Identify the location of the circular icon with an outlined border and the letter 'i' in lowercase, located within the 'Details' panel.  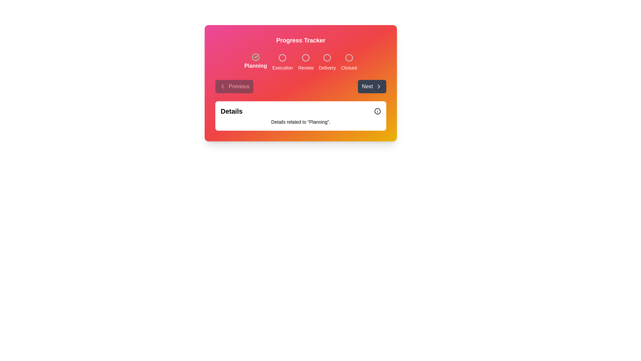
(378, 111).